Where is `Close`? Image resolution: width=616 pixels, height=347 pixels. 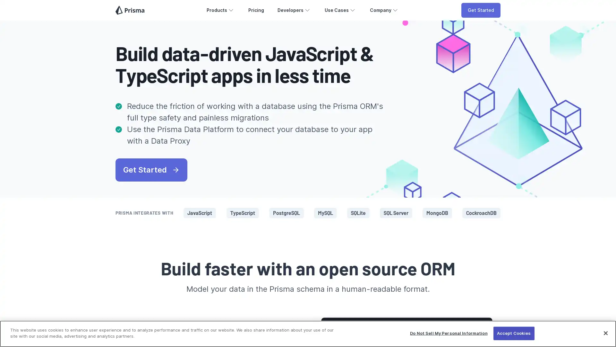 Close is located at coordinates (605, 333).